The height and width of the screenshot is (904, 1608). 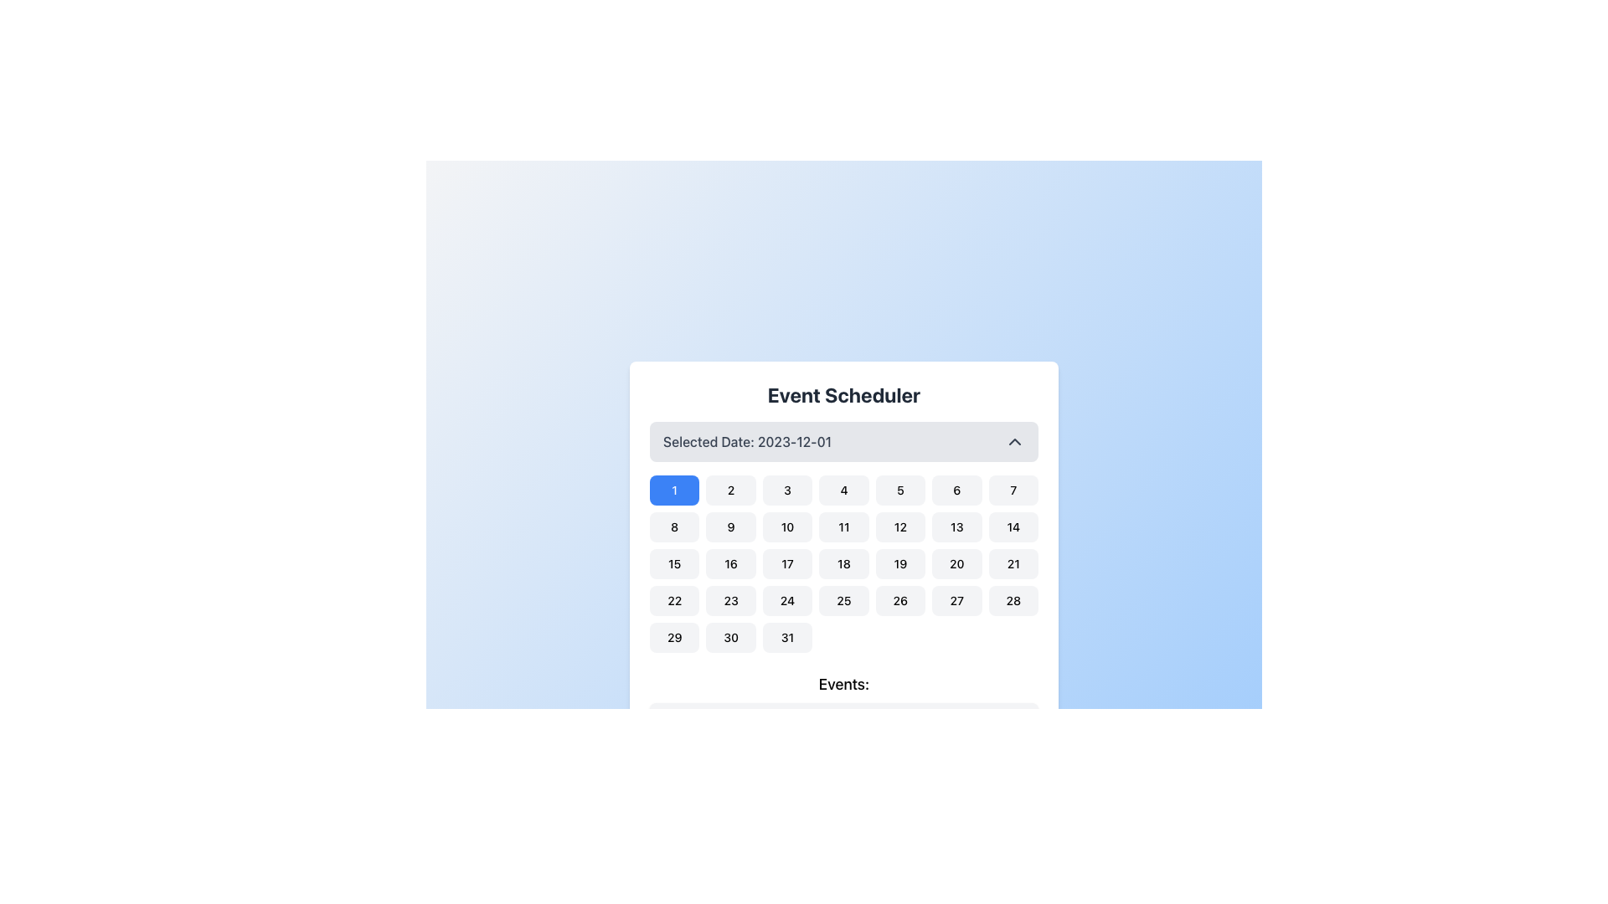 I want to click on the date selection button located in the third row and sixth column of the calendar widget to change its appearance, so click(x=956, y=564).